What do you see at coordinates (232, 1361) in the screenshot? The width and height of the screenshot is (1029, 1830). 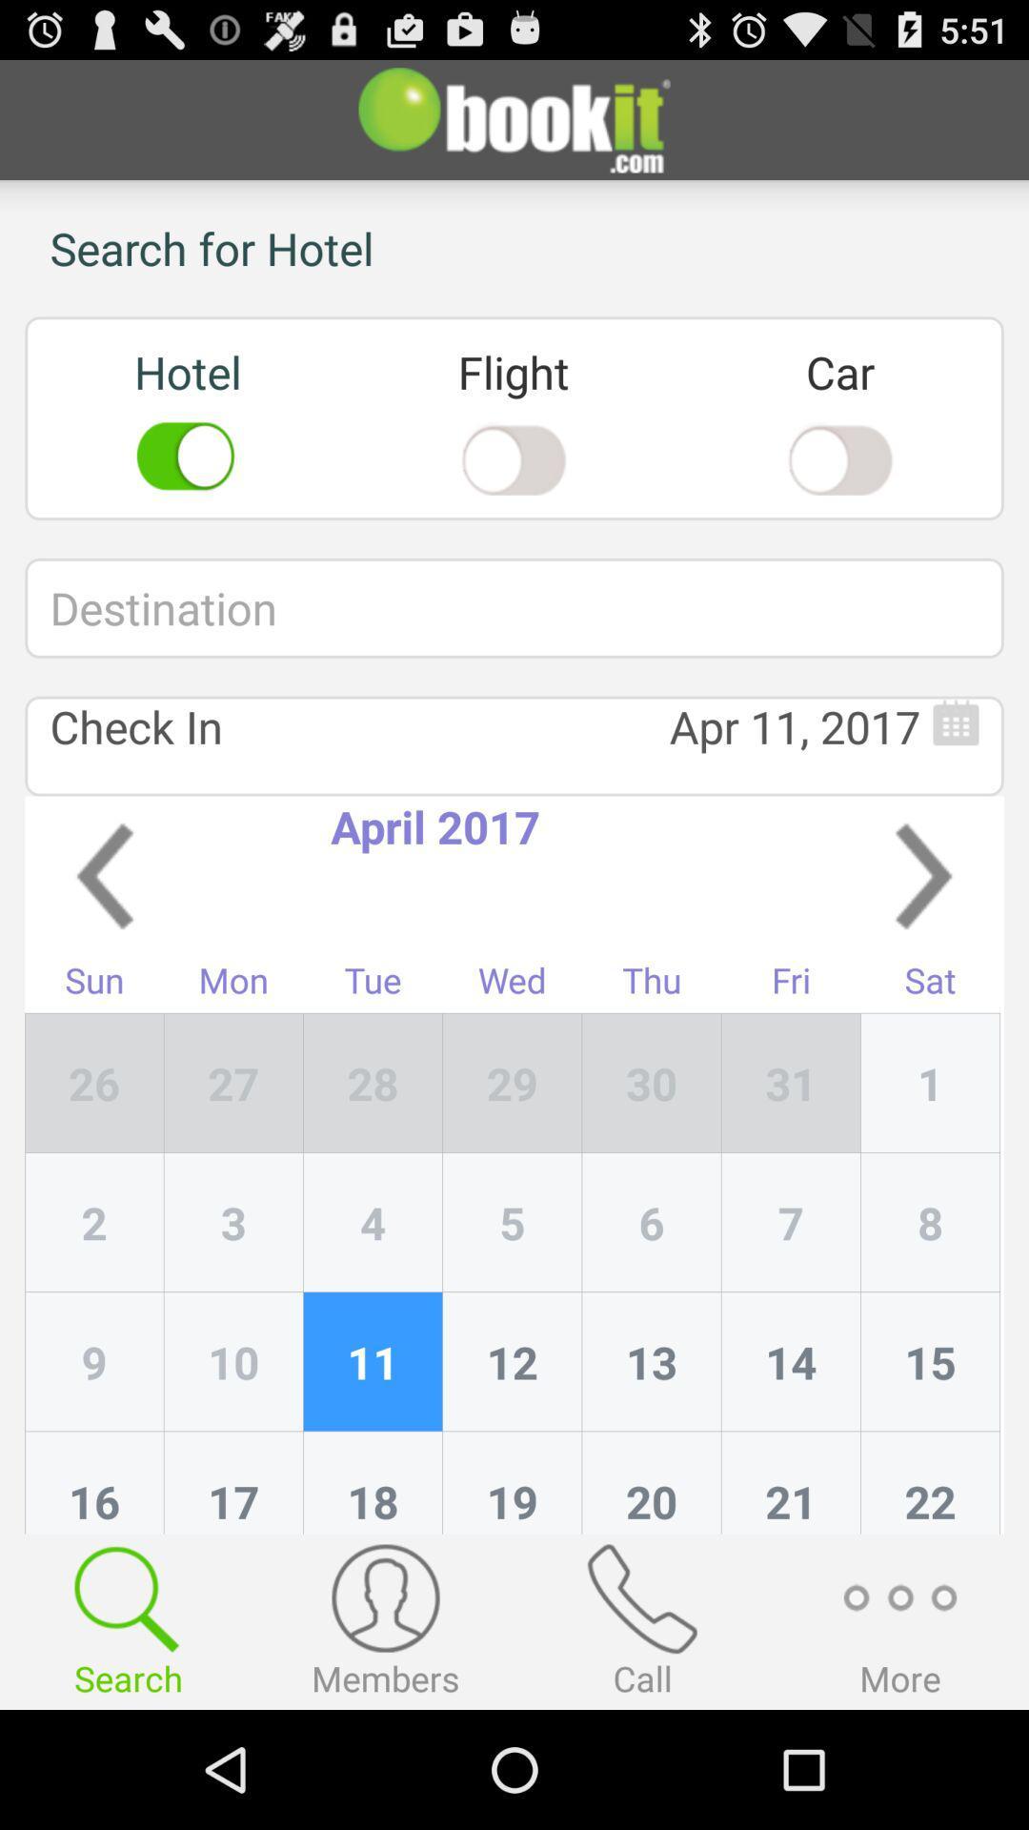 I see `icon next to 2 item` at bounding box center [232, 1361].